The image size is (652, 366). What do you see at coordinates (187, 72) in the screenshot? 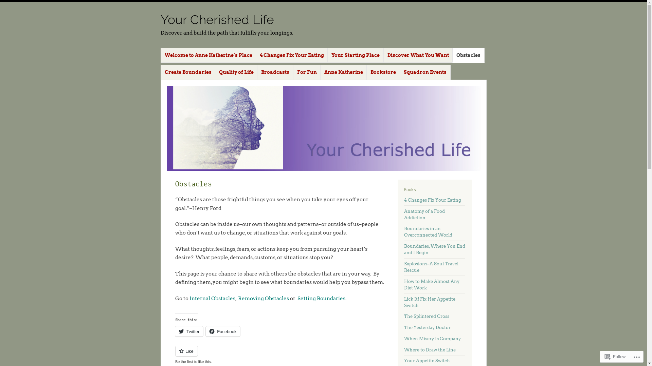
I see `'Create Boundaries'` at bounding box center [187, 72].